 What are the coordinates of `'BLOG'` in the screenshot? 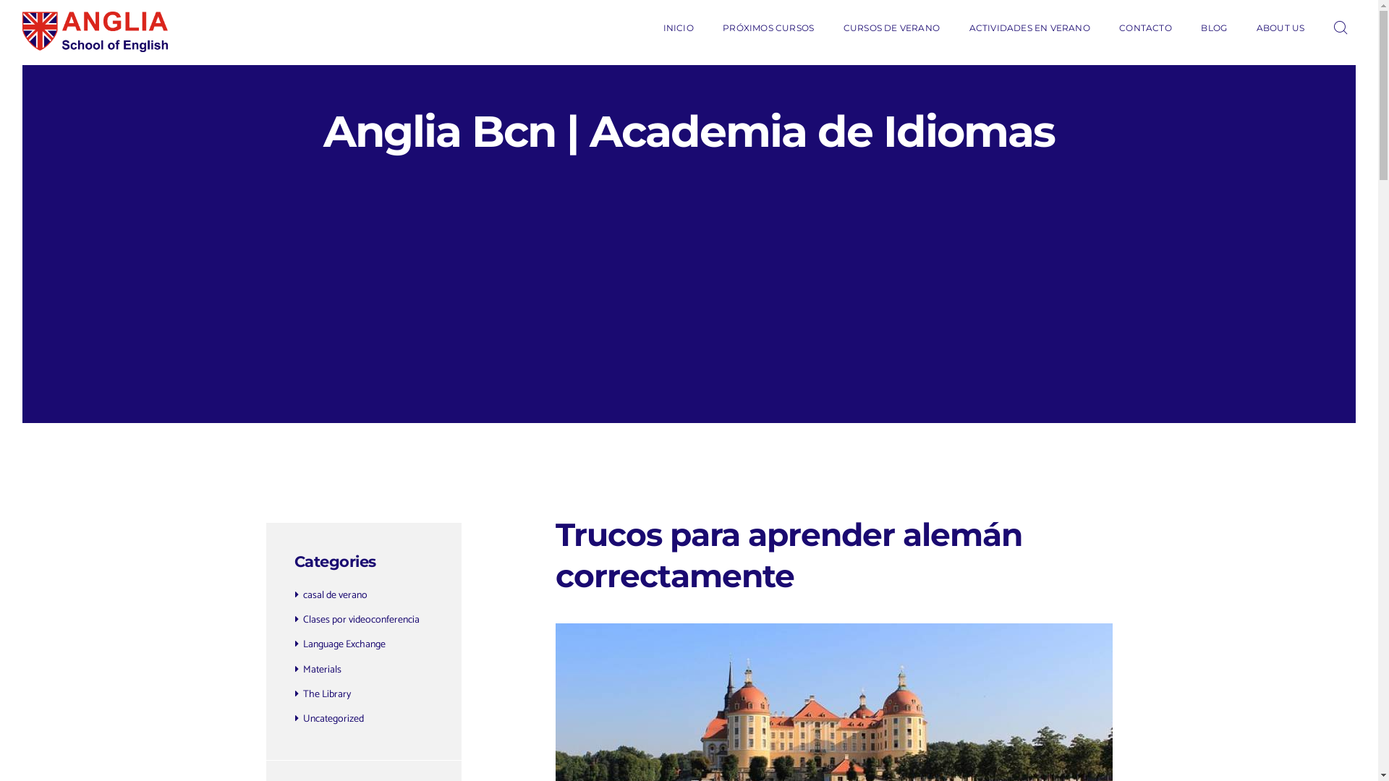 It's located at (1214, 27).